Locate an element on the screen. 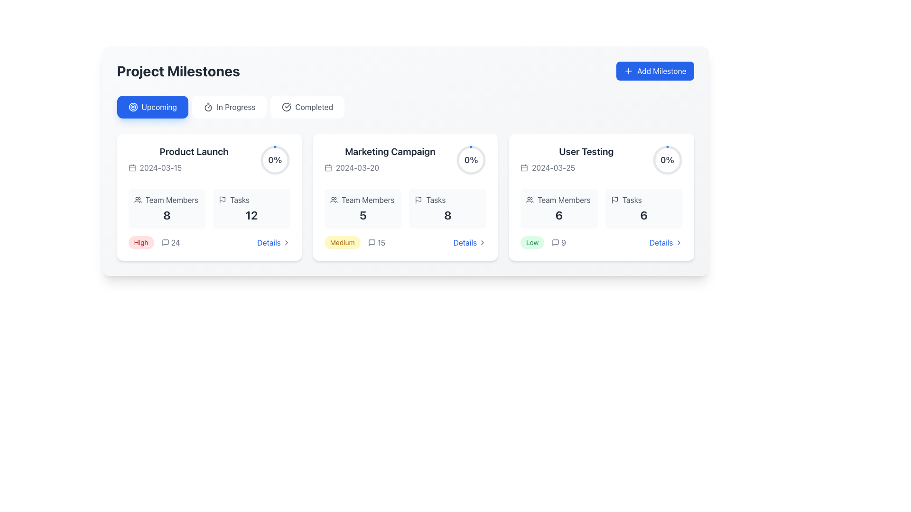 This screenshot has width=911, height=512. the progress value within the circular progress indicator located inside the 'Marketing Campaign' card, which shows the '0%' status is located at coordinates (471, 160).